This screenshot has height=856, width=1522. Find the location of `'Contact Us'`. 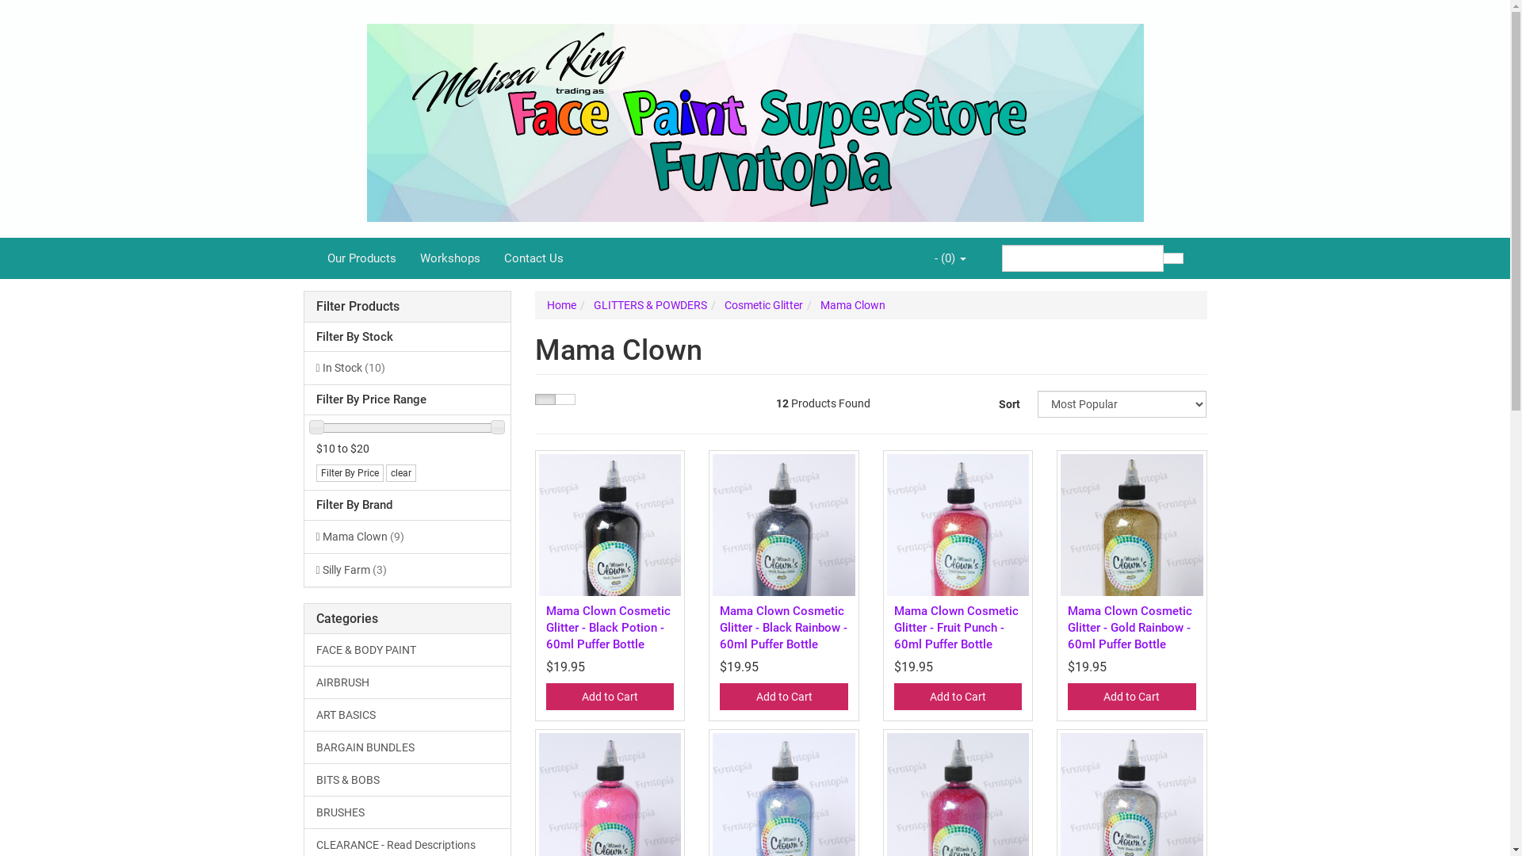

'Contact Us' is located at coordinates (533, 258).